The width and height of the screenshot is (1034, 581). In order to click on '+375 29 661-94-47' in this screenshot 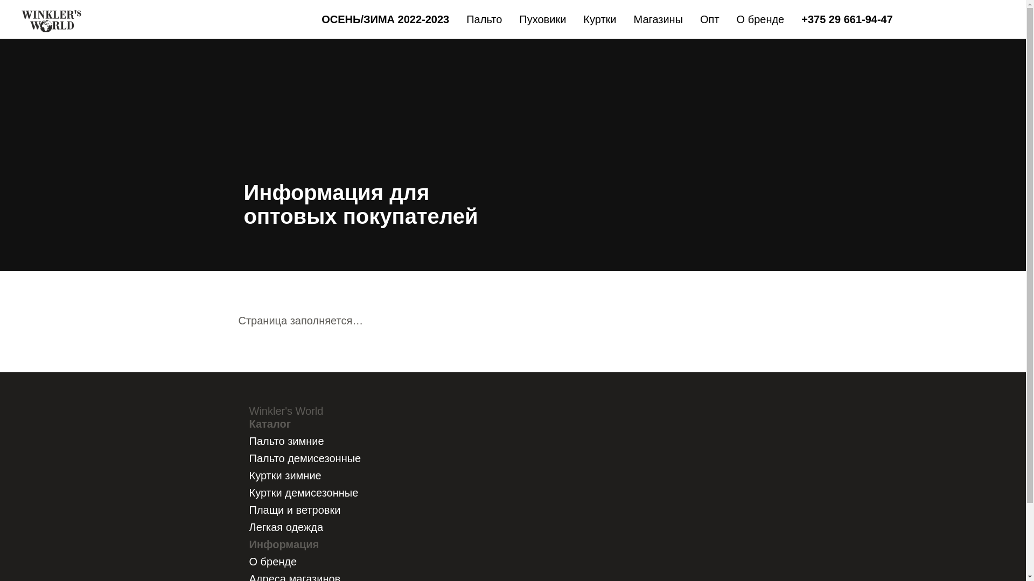, I will do `click(847, 19)`.